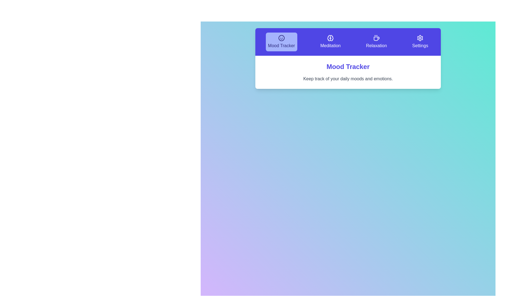 This screenshot has height=298, width=530. What do you see at coordinates (420, 41) in the screenshot?
I see `the 'Settings' button with a gear icon, which is the fourth item in the top navigation bar with a purple background, to trigger hover interactions` at bounding box center [420, 41].